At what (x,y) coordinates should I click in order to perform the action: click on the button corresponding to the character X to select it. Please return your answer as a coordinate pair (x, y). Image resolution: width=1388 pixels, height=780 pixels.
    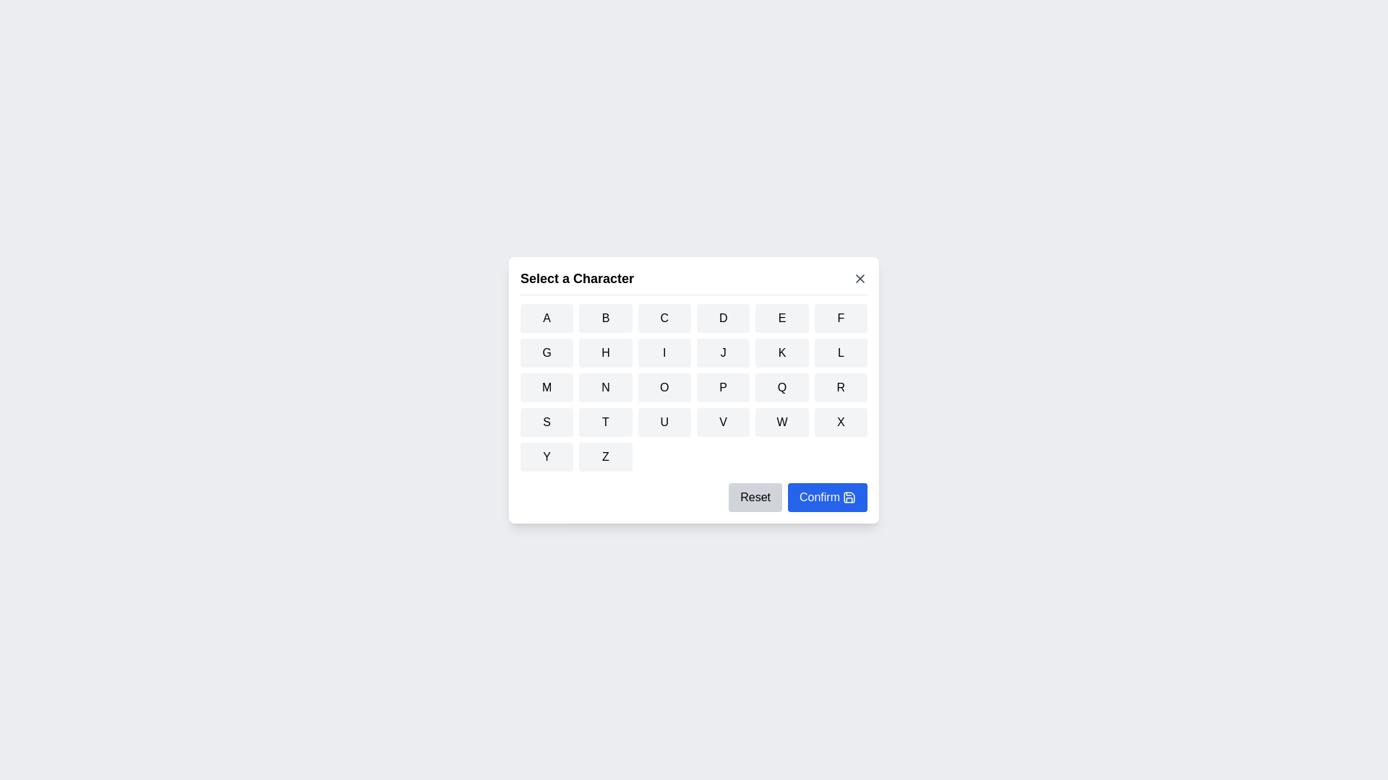
    Looking at the image, I should click on (840, 421).